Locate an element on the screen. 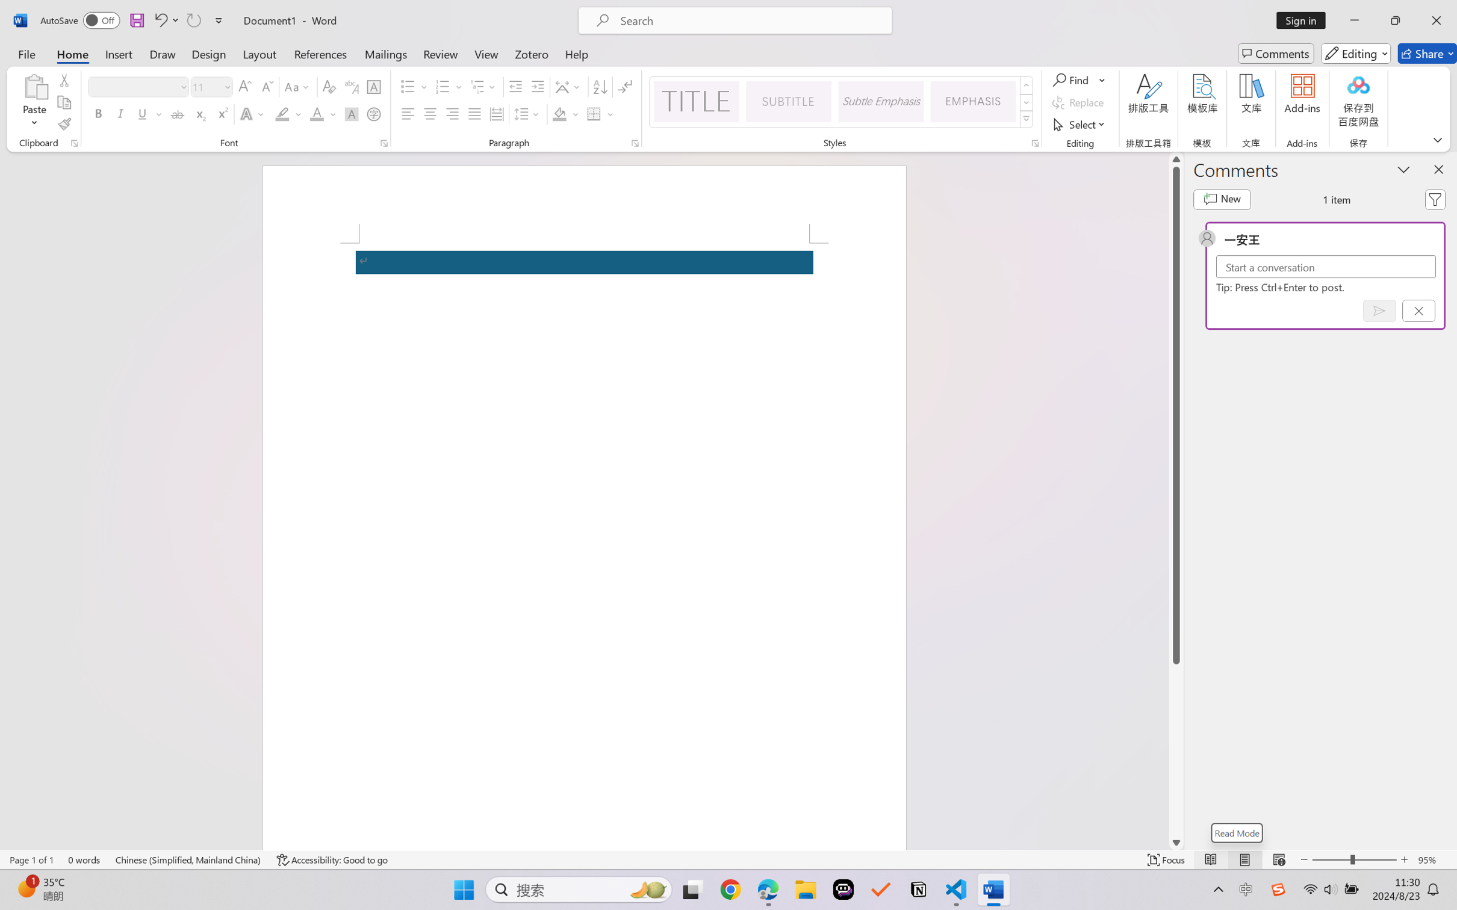 This screenshot has height=910, width=1457. 'Shading No Color' is located at coordinates (559, 113).